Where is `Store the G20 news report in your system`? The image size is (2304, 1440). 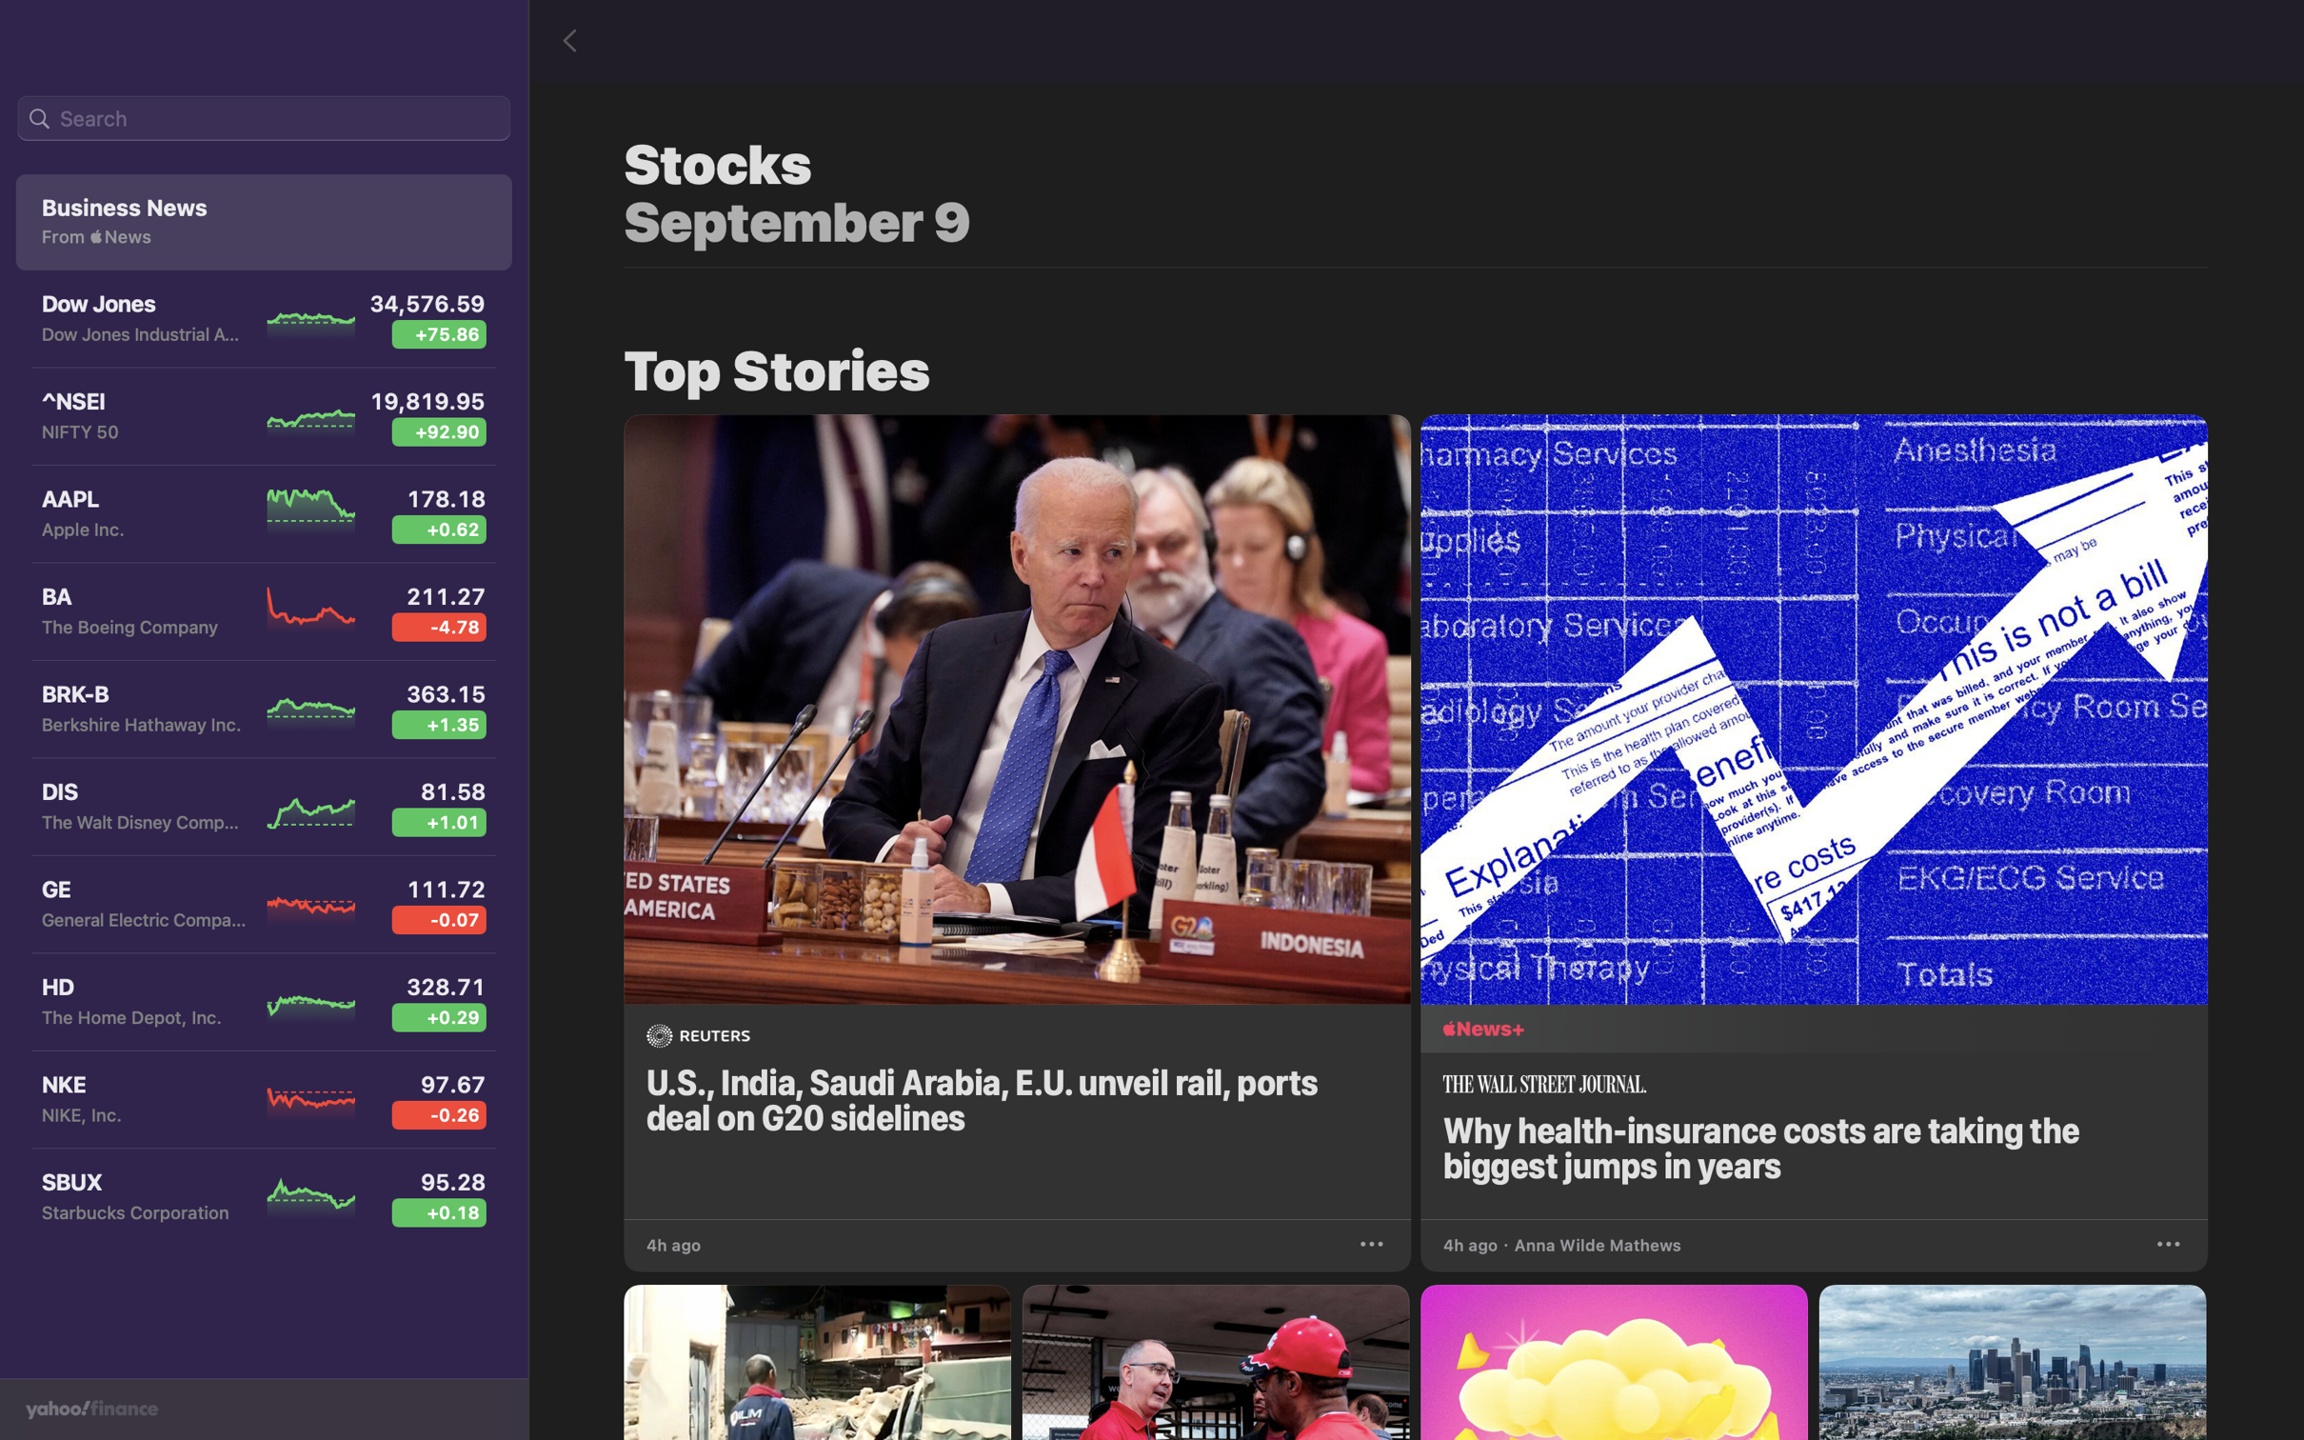
Store the G20 news report in your system is located at coordinates (1374, 1241).